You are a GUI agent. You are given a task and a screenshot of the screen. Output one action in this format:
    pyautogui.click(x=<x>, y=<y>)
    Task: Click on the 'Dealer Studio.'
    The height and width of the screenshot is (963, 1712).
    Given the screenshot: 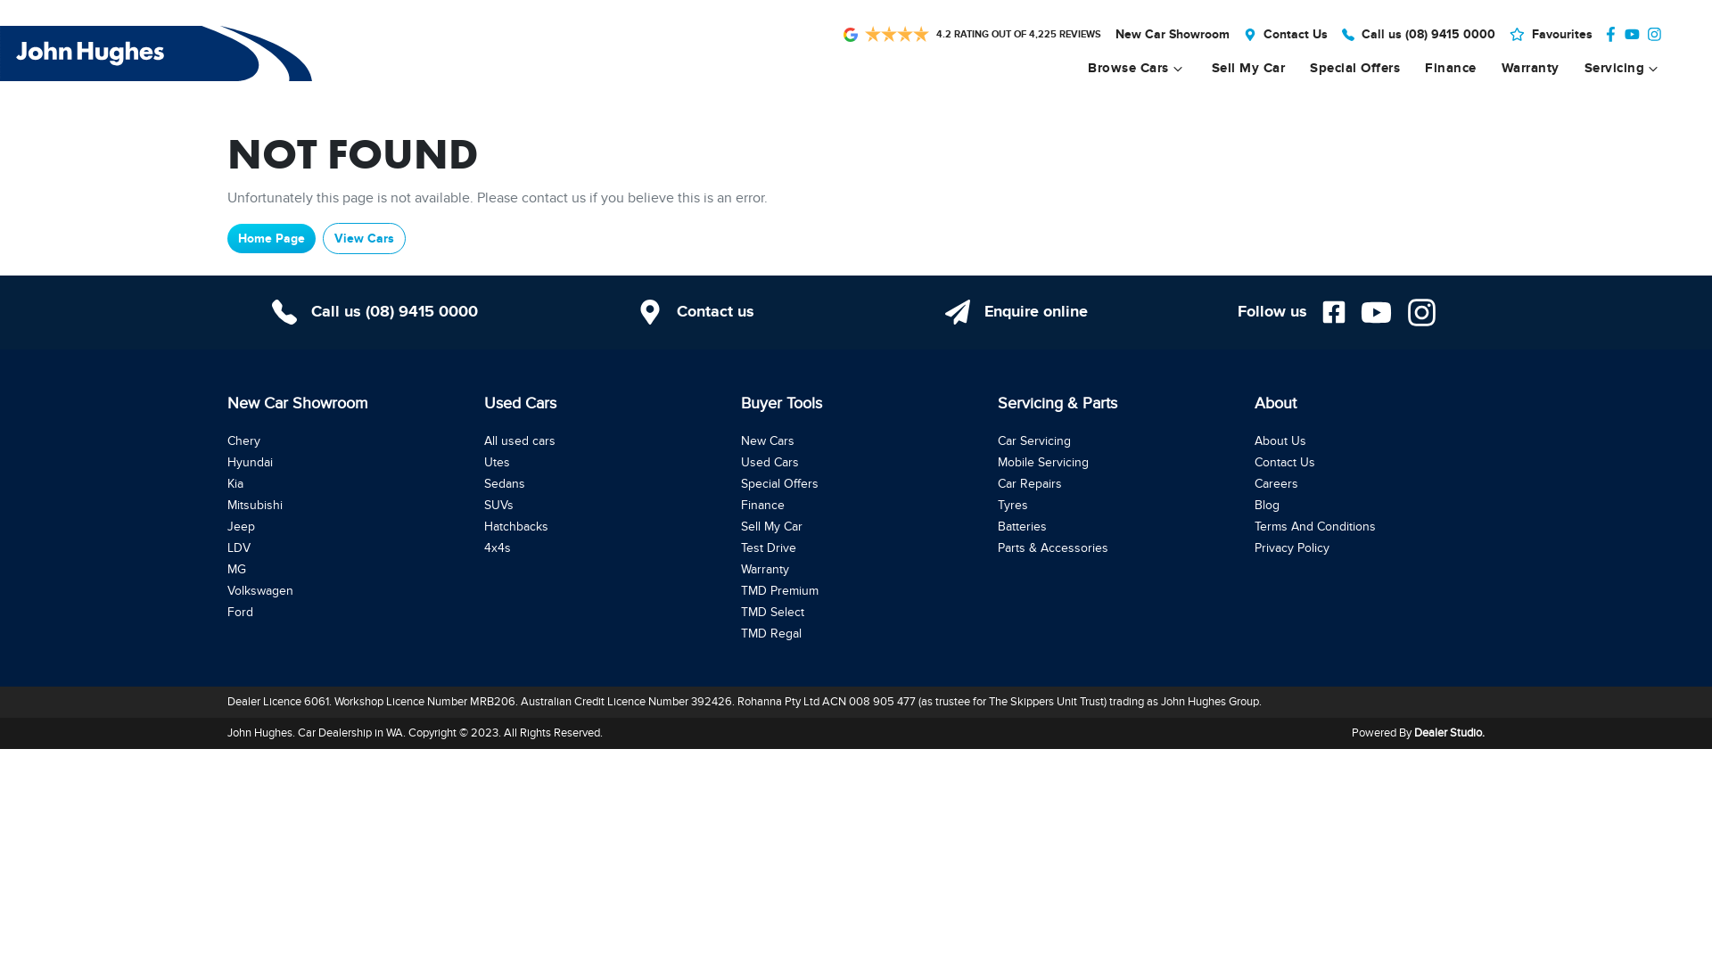 What is the action you would take?
    pyautogui.click(x=1449, y=732)
    